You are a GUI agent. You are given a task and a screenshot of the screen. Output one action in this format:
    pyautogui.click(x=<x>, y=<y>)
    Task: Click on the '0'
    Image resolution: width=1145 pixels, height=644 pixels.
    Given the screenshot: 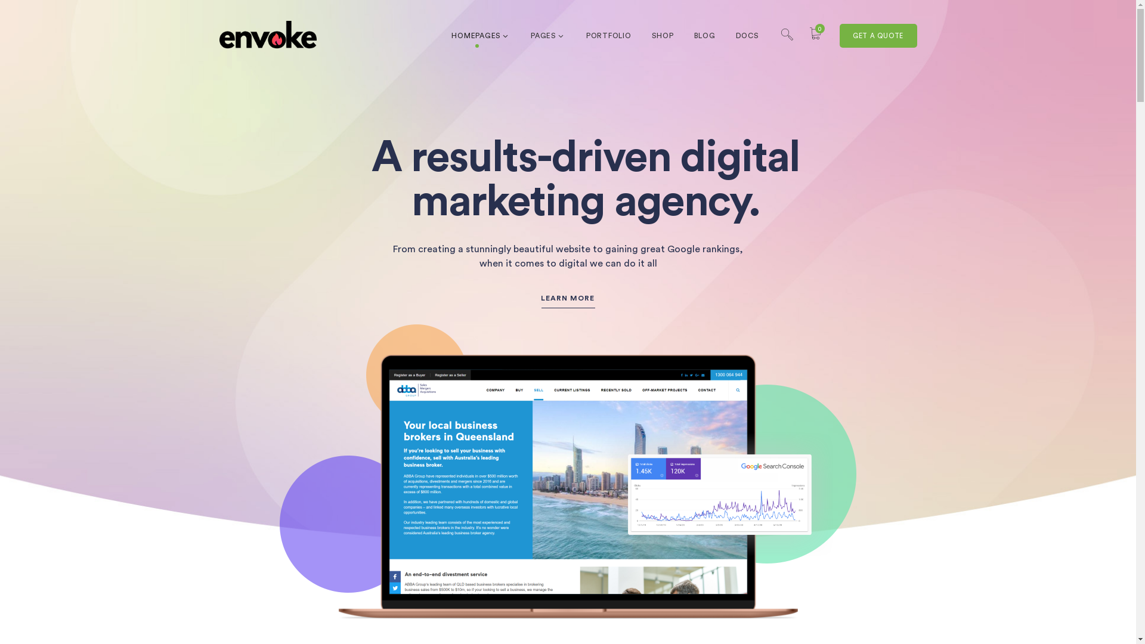 What is the action you would take?
    pyautogui.click(x=806, y=35)
    